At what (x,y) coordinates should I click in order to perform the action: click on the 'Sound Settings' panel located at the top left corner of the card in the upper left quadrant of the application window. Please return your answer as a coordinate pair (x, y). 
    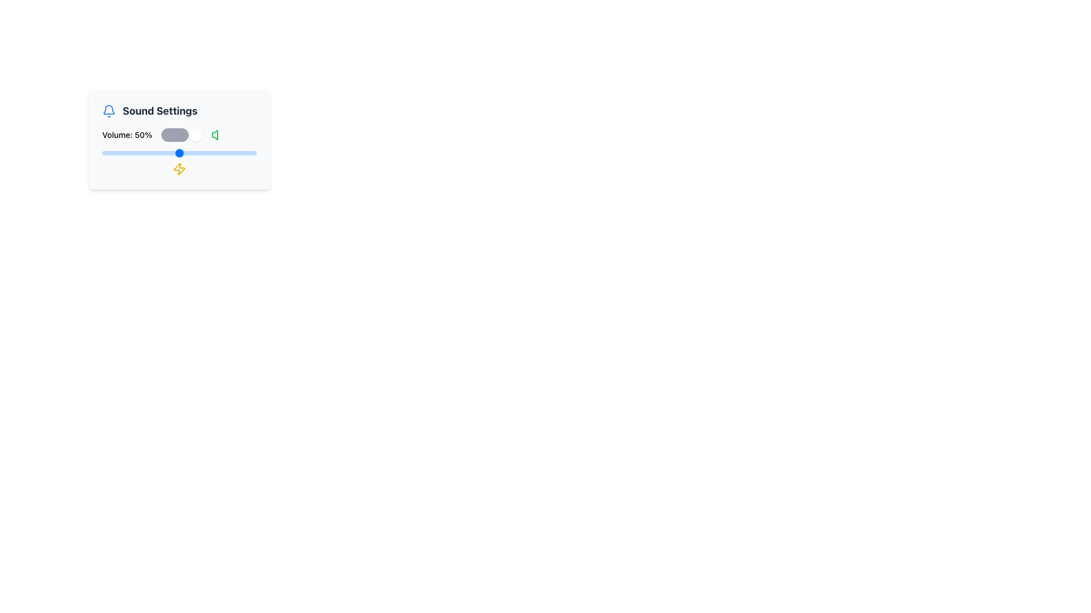
    Looking at the image, I should click on (179, 139).